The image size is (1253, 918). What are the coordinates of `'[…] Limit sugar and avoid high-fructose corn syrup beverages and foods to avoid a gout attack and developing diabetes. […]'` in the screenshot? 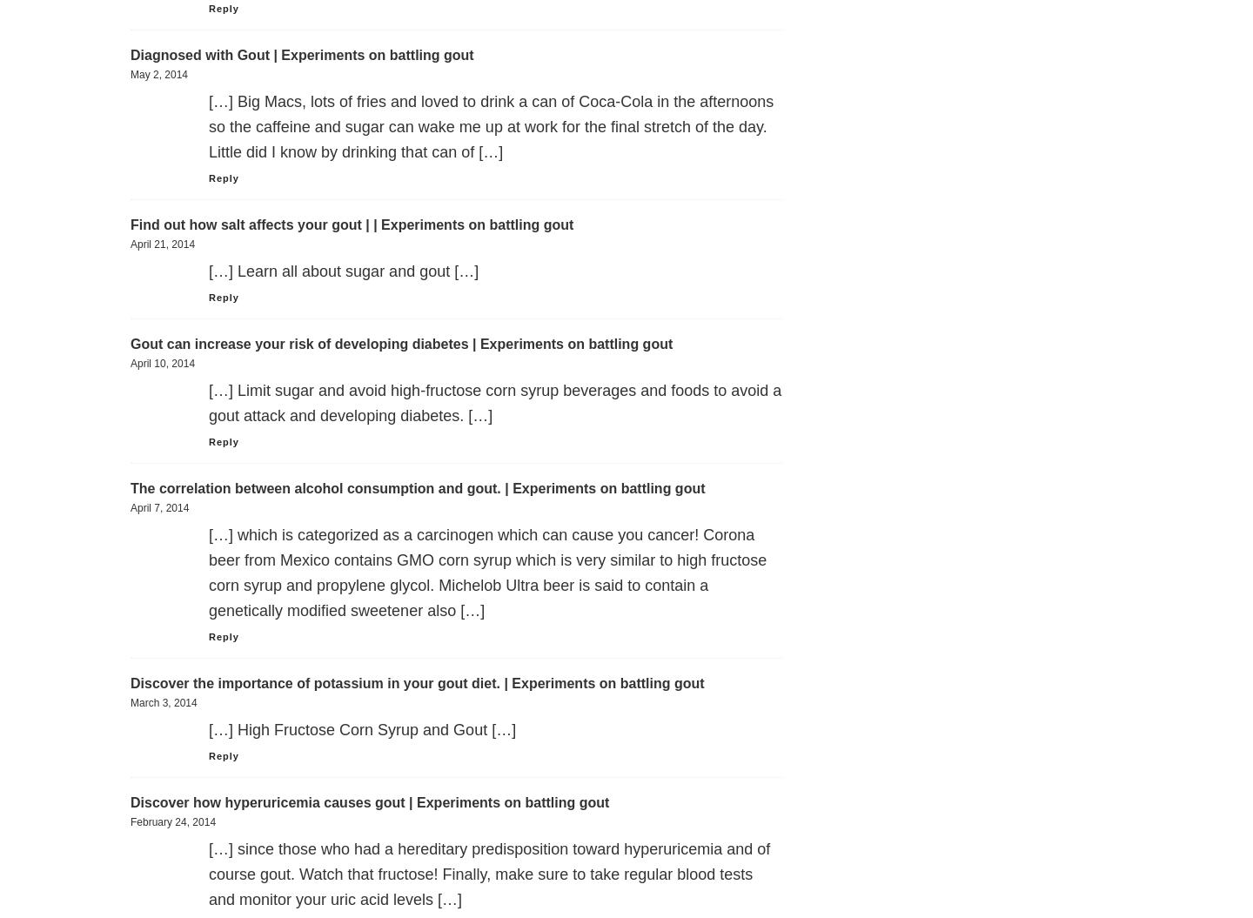 It's located at (494, 402).